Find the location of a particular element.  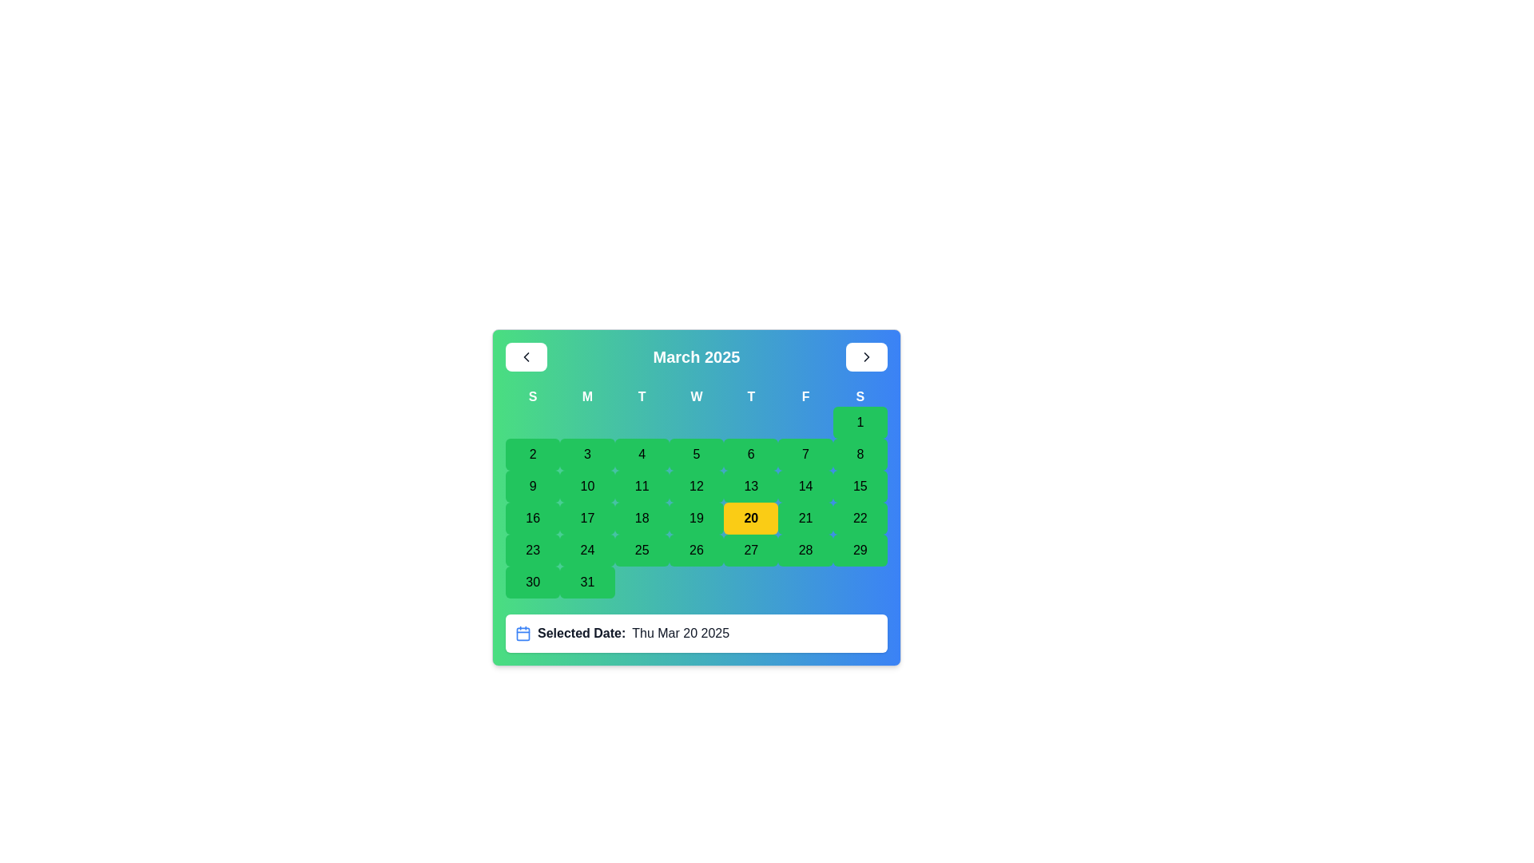

the button with a green background and rounded corners labeled '29' is located at coordinates (859, 550).